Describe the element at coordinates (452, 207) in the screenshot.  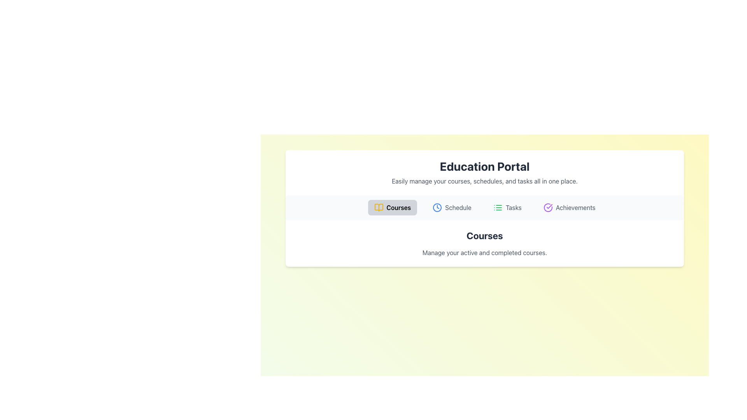
I see `the 'Schedule' navigation button, which is styled in light blue and features a clock icon, to potentially see a visual cue` at that location.